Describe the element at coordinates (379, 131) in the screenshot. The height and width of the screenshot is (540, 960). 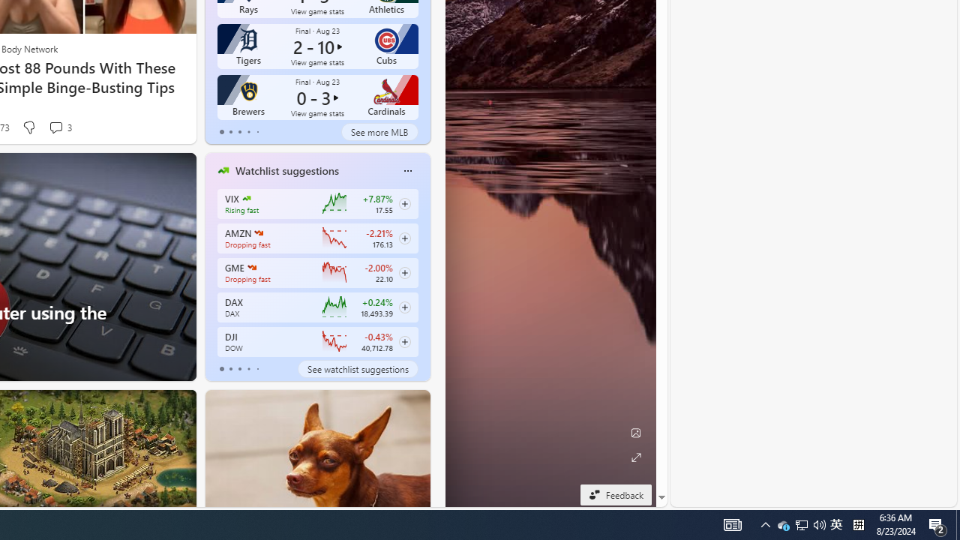
I see `'See more MLB'` at that location.